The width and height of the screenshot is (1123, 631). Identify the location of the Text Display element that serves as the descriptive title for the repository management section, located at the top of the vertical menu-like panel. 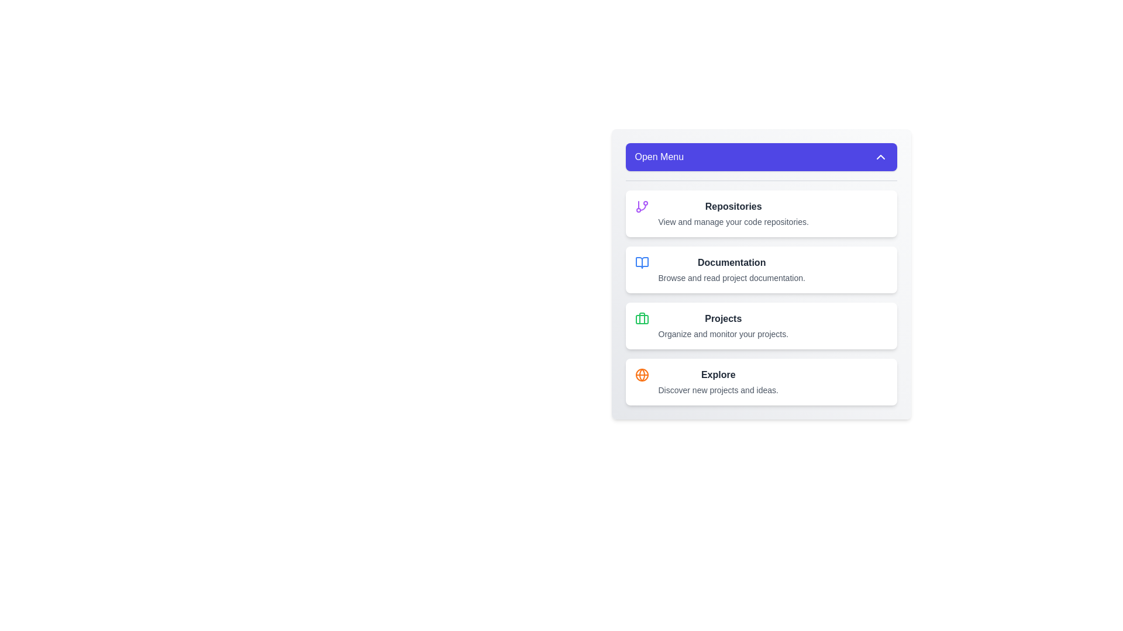
(733, 206).